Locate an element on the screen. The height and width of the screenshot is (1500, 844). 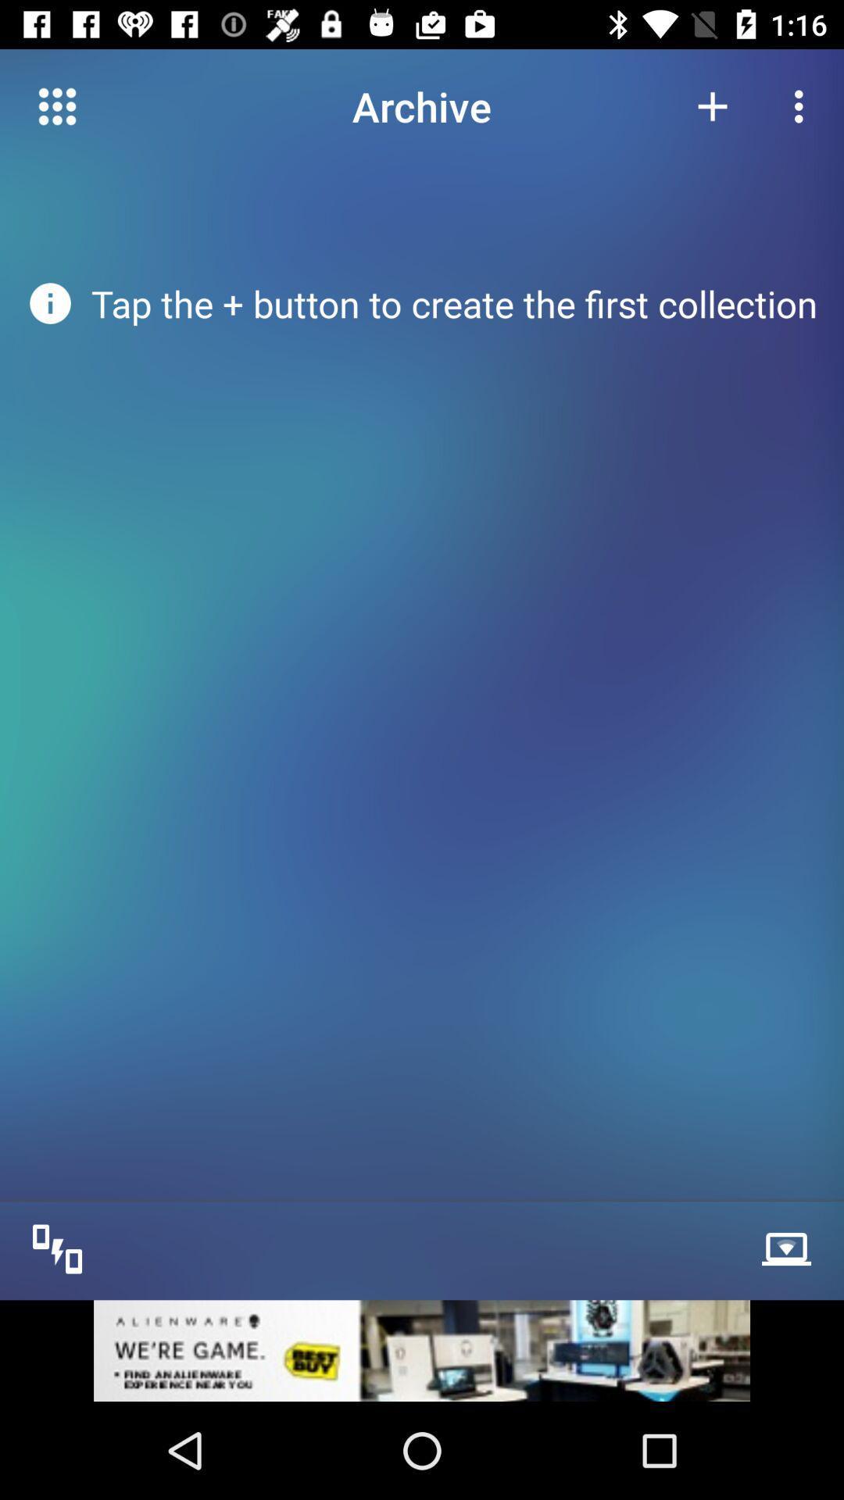
home icon is located at coordinates (56, 105).